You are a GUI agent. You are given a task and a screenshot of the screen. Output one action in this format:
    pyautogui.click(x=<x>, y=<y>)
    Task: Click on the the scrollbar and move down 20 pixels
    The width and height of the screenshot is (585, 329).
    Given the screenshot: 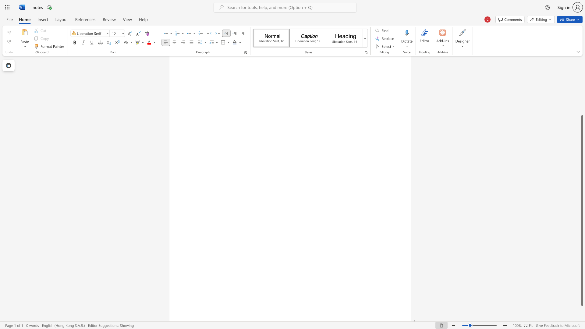 What is the action you would take?
    pyautogui.click(x=582, y=210)
    